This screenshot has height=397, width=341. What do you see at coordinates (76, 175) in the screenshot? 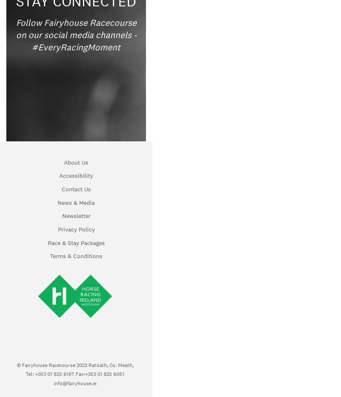
I see `'Accessibility'` at bounding box center [76, 175].